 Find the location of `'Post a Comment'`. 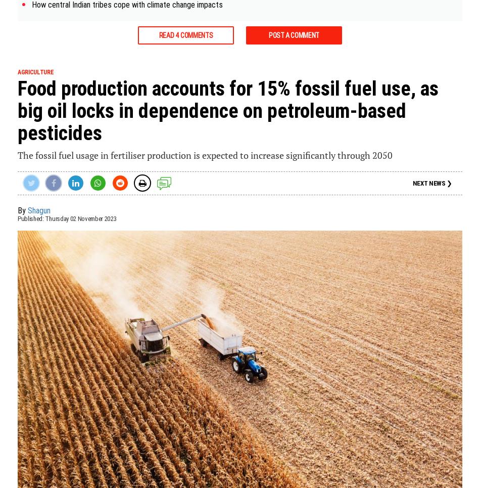

'Post a Comment' is located at coordinates (294, 34).